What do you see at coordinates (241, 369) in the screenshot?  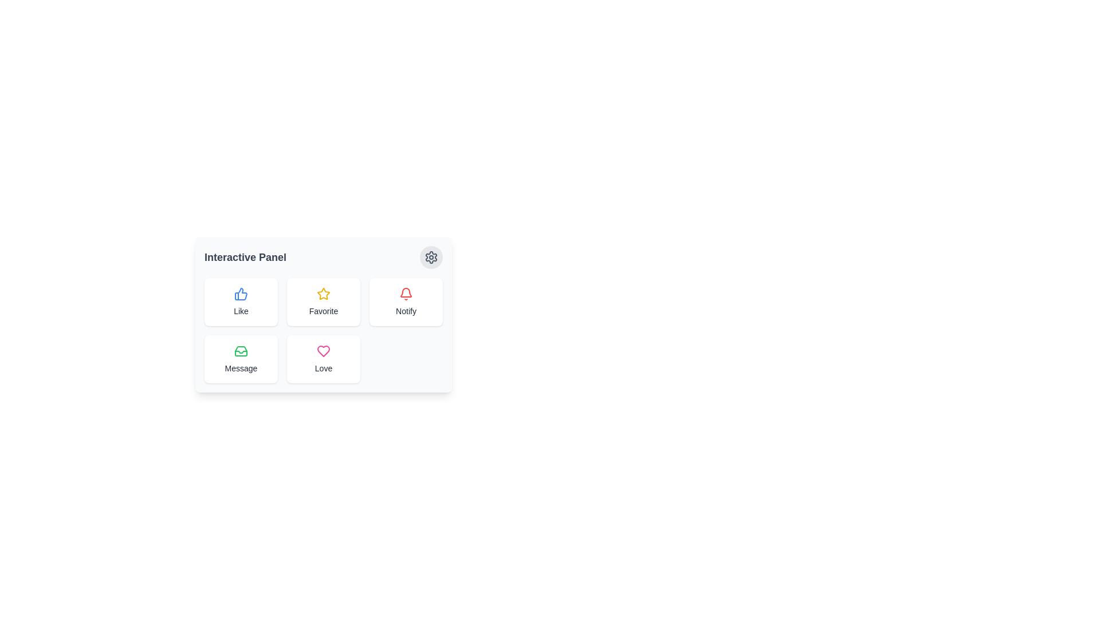 I see `the label element displaying the text 'Message' which is styled with a small, gray font and located beneath the green inbox icon in the bottom-left corner of the grid layout` at bounding box center [241, 369].